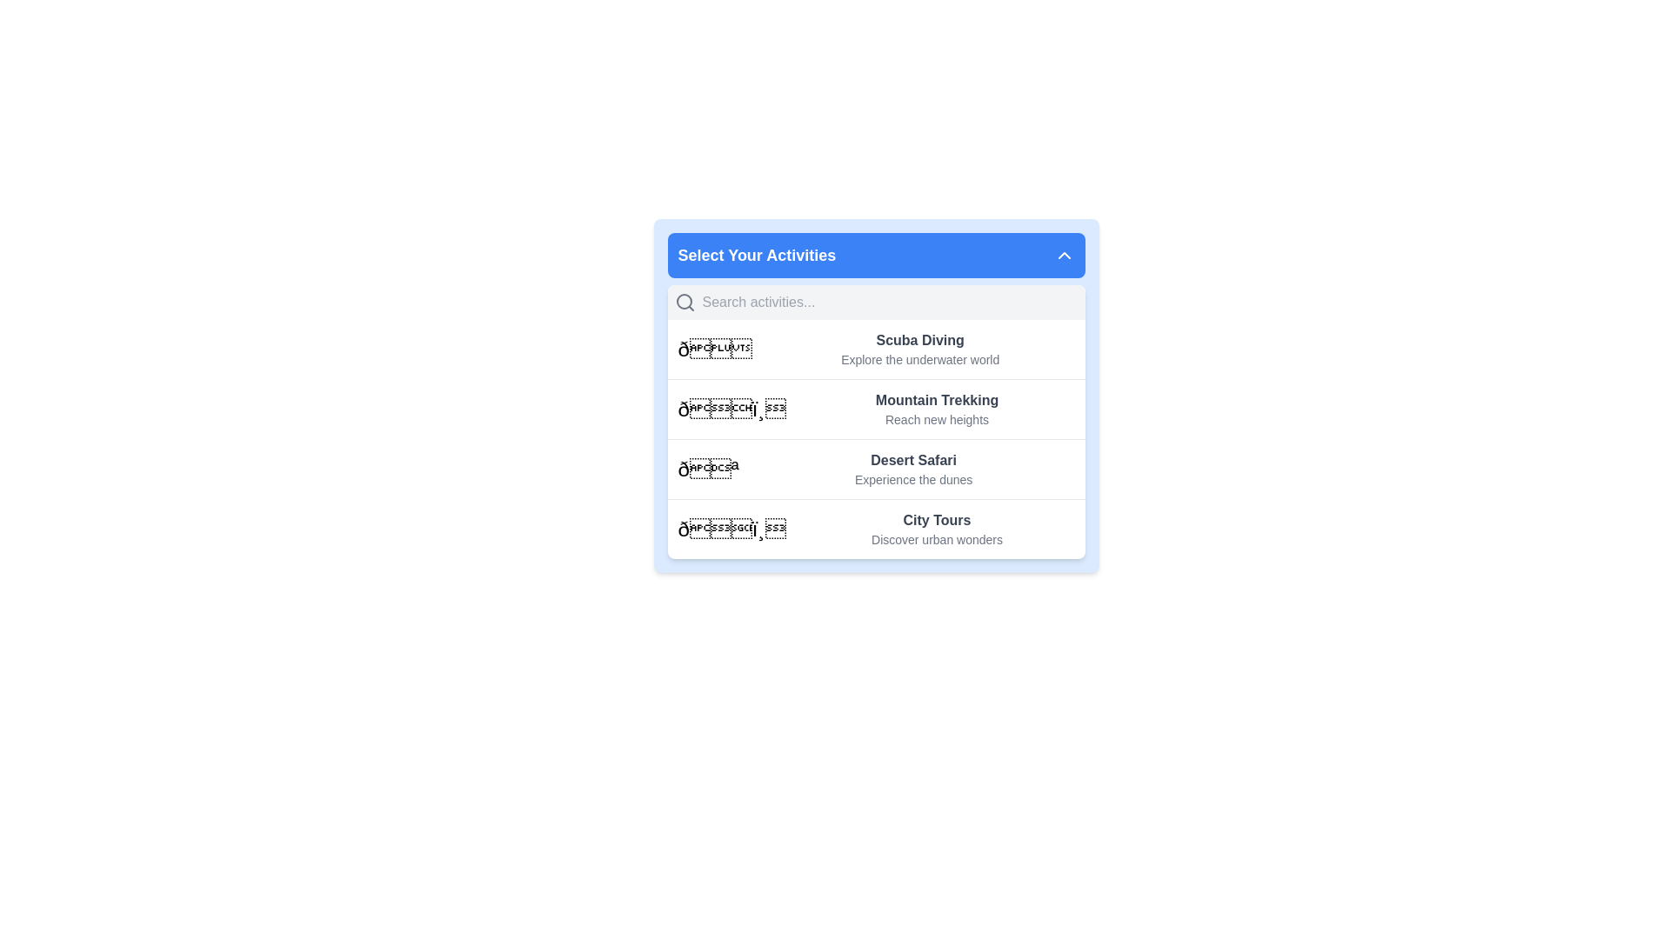  What do you see at coordinates (876, 409) in the screenshot?
I see `informational text contained in the 'Mountain Trekking' list item, which is located in the second row of the vertical list structure` at bounding box center [876, 409].